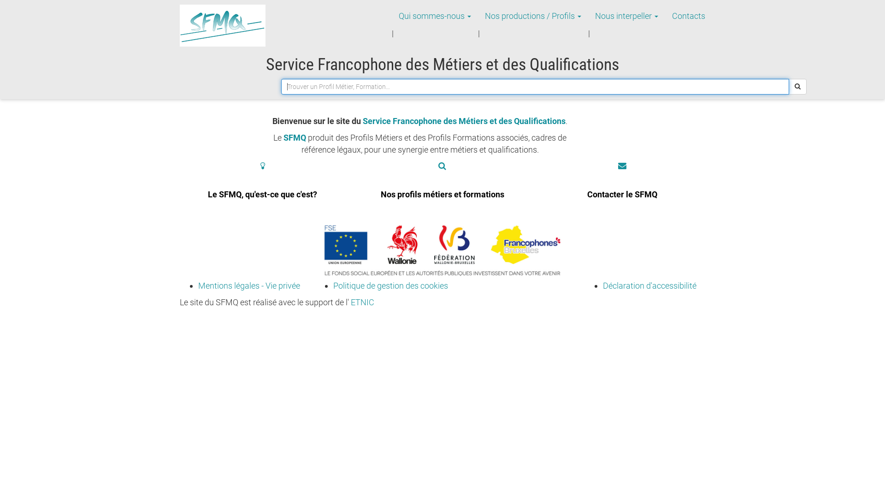  Describe the element at coordinates (533, 16) in the screenshot. I see `'Nos productions / Profils'` at that location.